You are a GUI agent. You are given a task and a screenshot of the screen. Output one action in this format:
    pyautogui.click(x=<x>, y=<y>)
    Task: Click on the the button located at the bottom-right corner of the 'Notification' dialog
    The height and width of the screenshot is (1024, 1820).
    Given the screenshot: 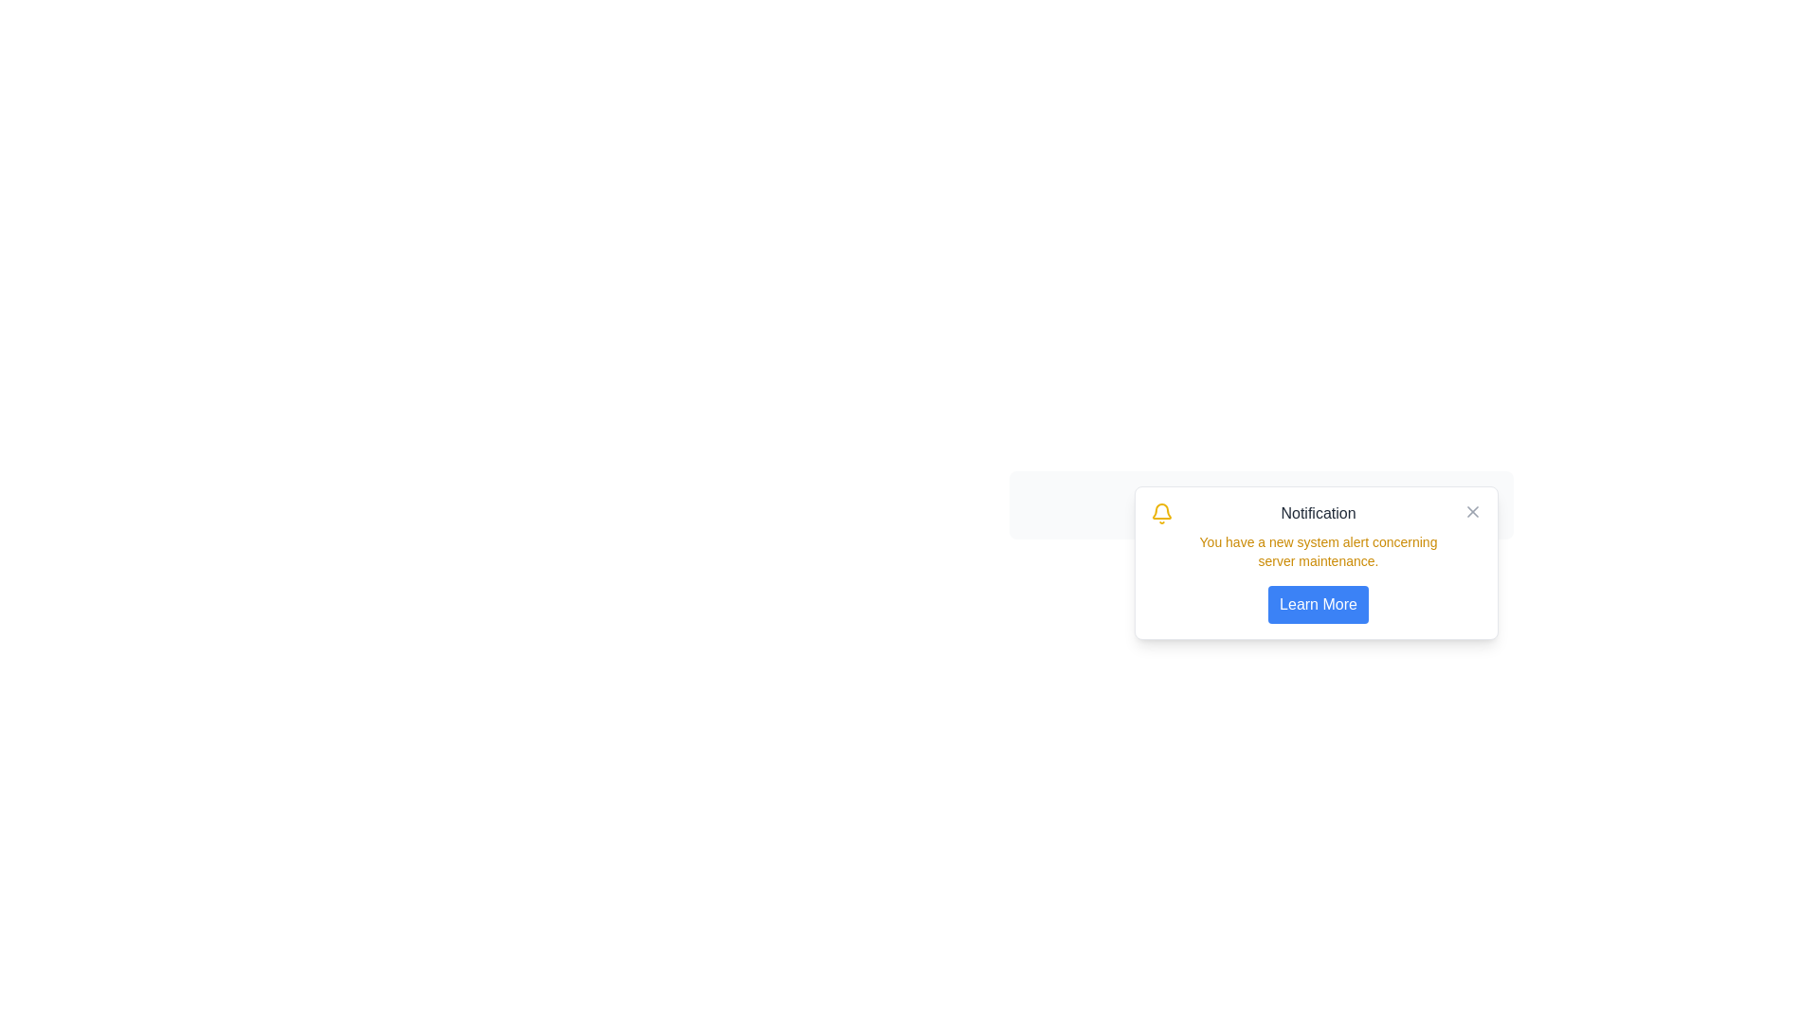 What is the action you would take?
    pyautogui.click(x=1318, y=604)
    